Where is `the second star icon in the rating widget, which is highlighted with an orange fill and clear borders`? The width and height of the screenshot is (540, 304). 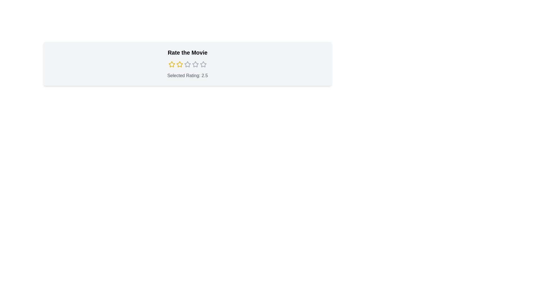 the second star icon in the rating widget, which is highlighted with an orange fill and clear borders is located at coordinates (179, 64).